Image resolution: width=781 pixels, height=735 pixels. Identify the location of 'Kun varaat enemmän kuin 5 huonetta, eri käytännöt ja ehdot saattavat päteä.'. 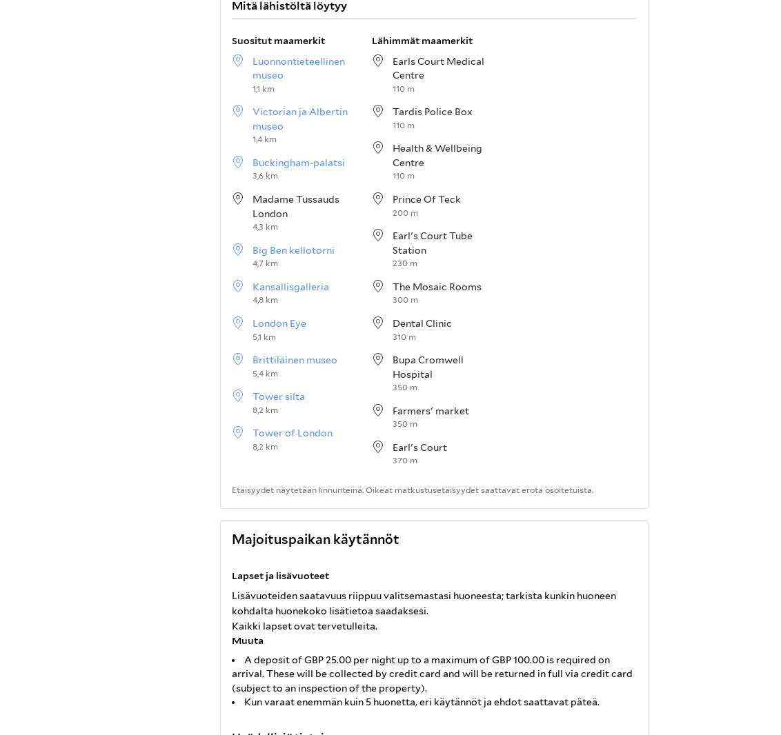
(420, 702).